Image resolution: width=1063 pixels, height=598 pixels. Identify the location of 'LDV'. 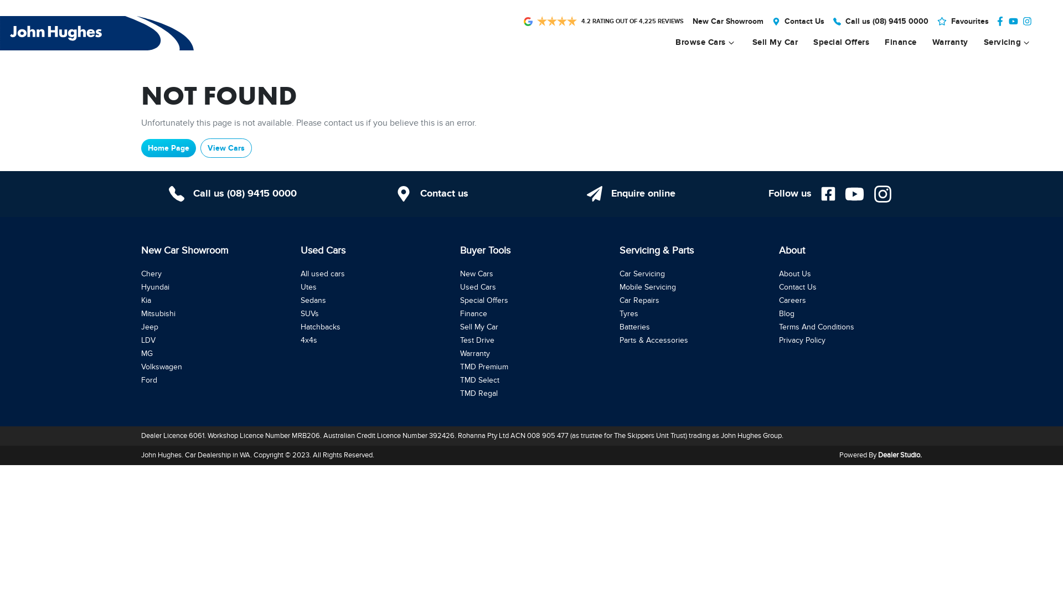
(148, 339).